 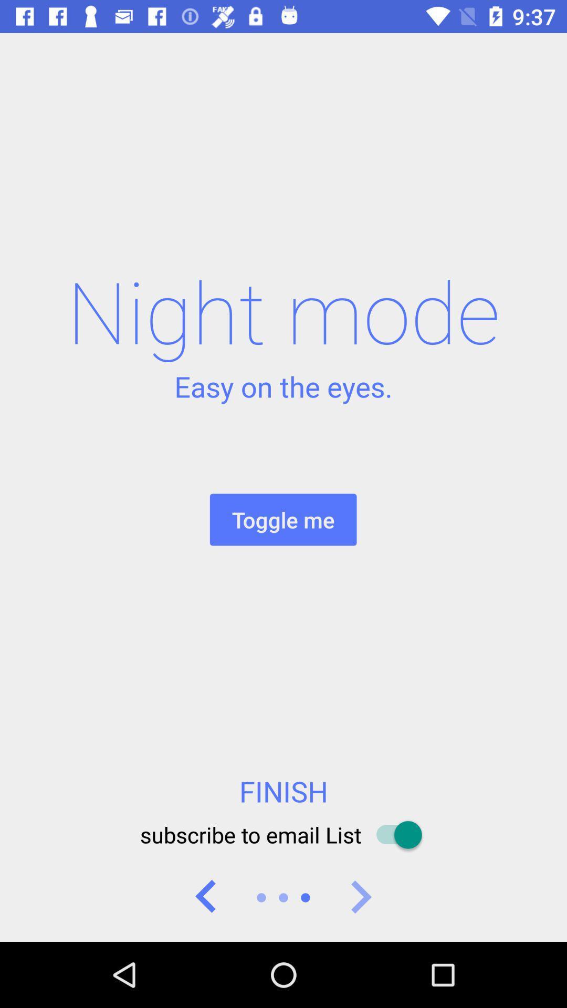 What do you see at coordinates (283, 834) in the screenshot?
I see `the subscribe to email item` at bounding box center [283, 834].